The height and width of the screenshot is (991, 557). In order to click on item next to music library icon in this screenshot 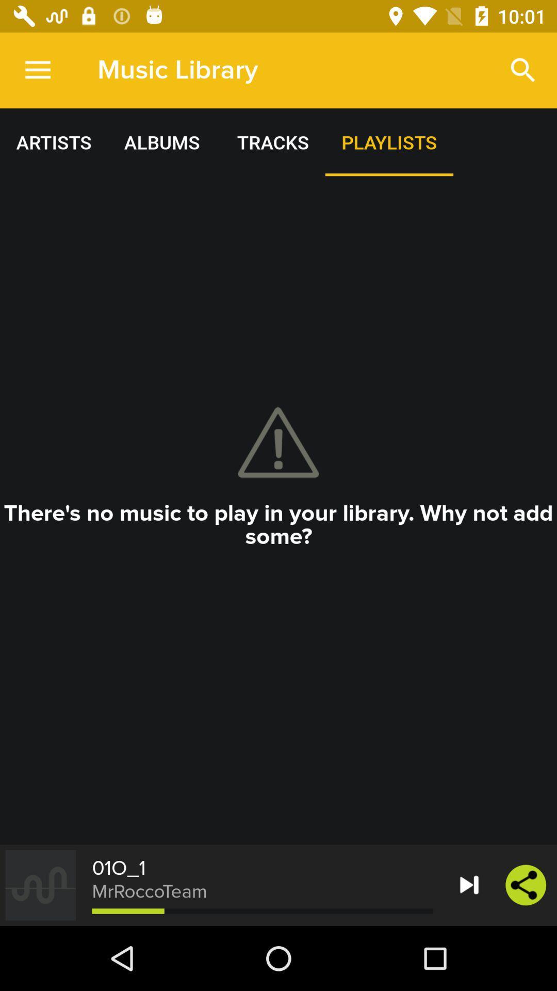, I will do `click(37, 70)`.